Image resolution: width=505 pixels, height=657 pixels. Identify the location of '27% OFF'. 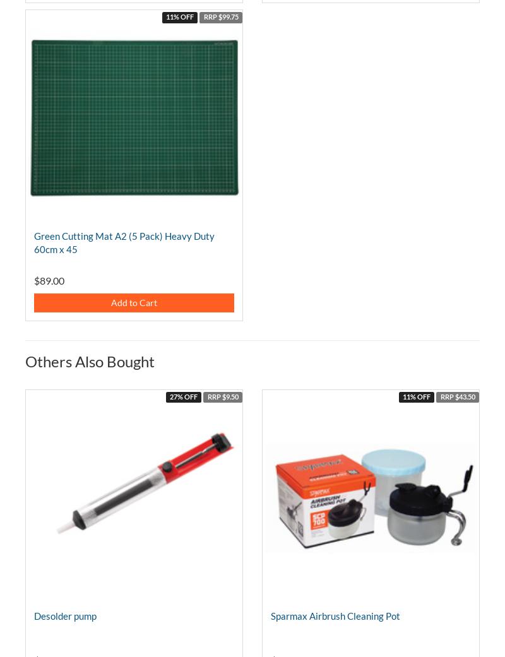
(184, 396).